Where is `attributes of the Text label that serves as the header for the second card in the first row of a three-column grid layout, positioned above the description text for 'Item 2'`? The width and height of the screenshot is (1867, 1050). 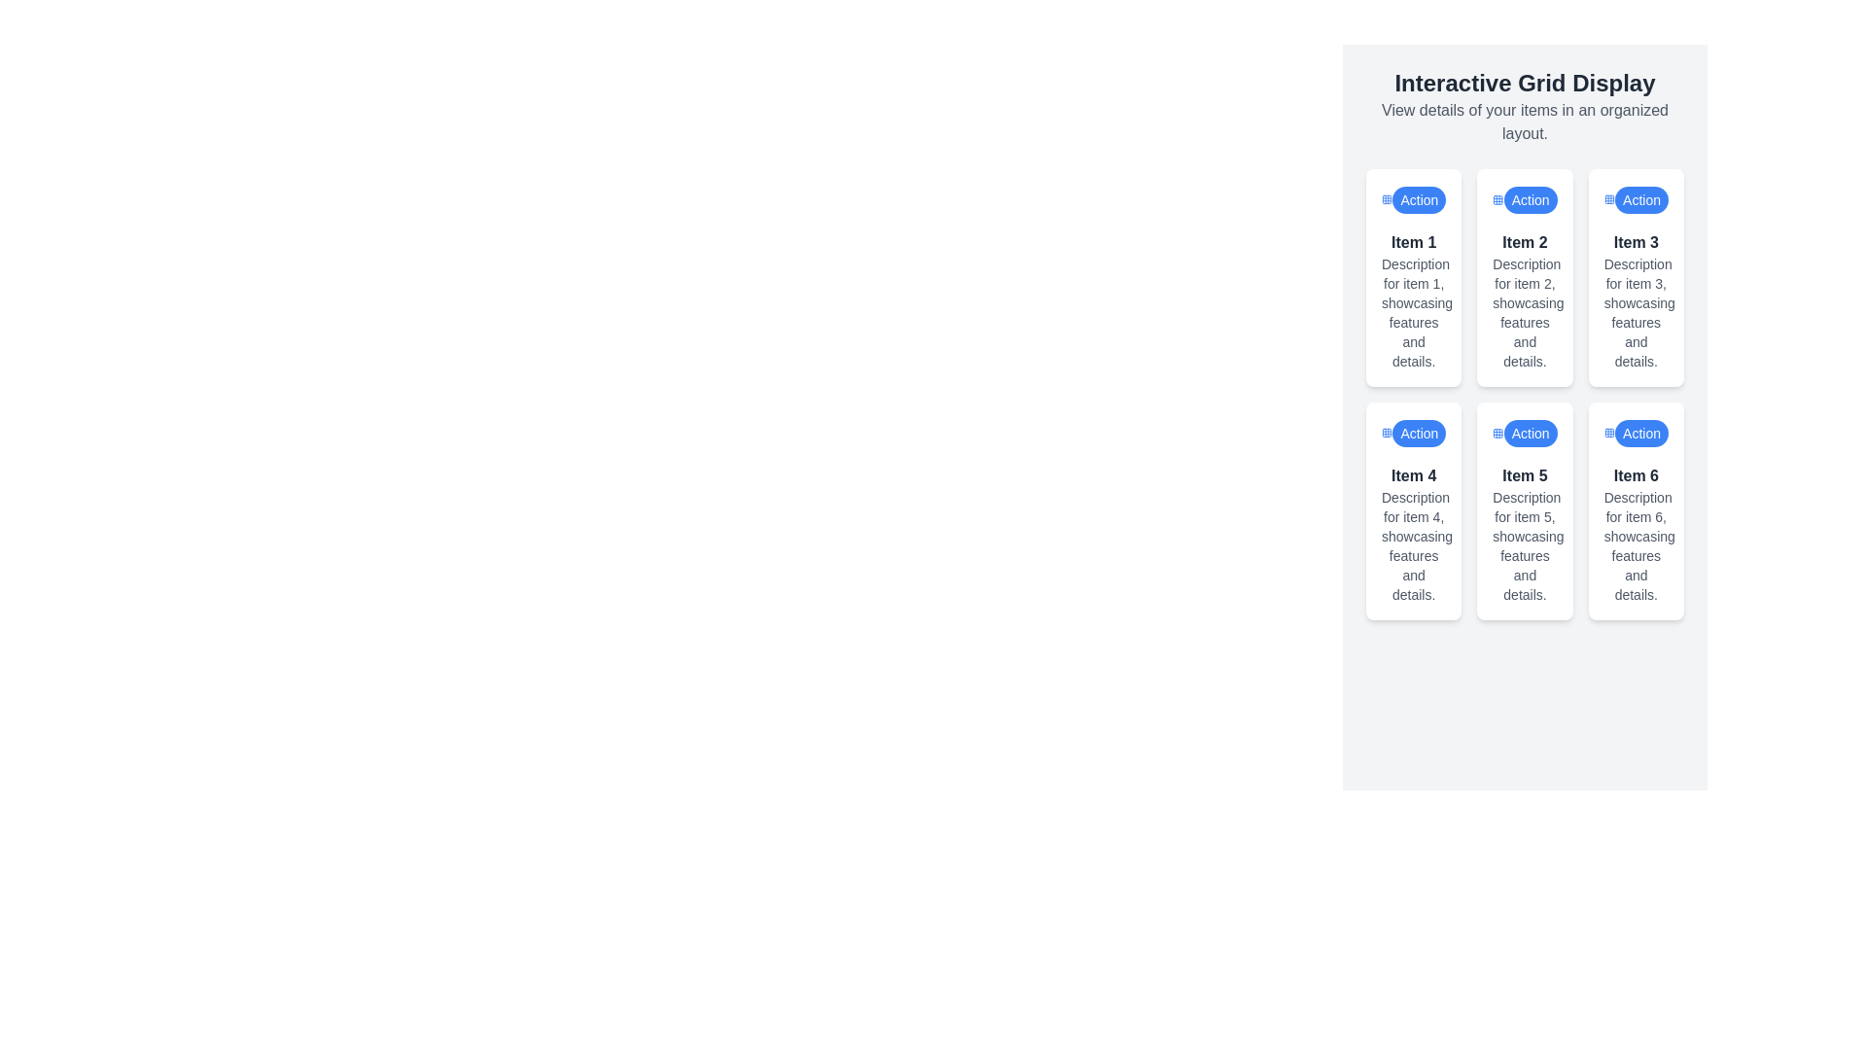 attributes of the Text label that serves as the header for the second card in the first row of a three-column grid layout, positioned above the description text for 'Item 2' is located at coordinates (1524, 242).